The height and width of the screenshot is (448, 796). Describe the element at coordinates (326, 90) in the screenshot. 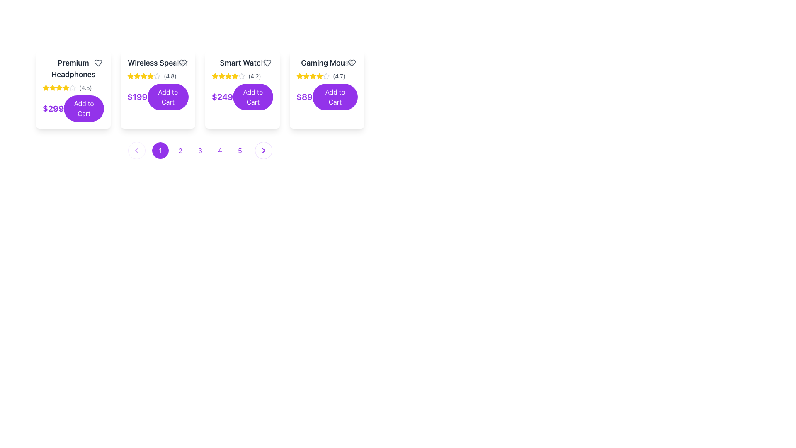

I see `the 'Add to Cart' button on the Gaming Mouse product card, which is the fourth card in a grid layout located in the top-right corner` at that location.